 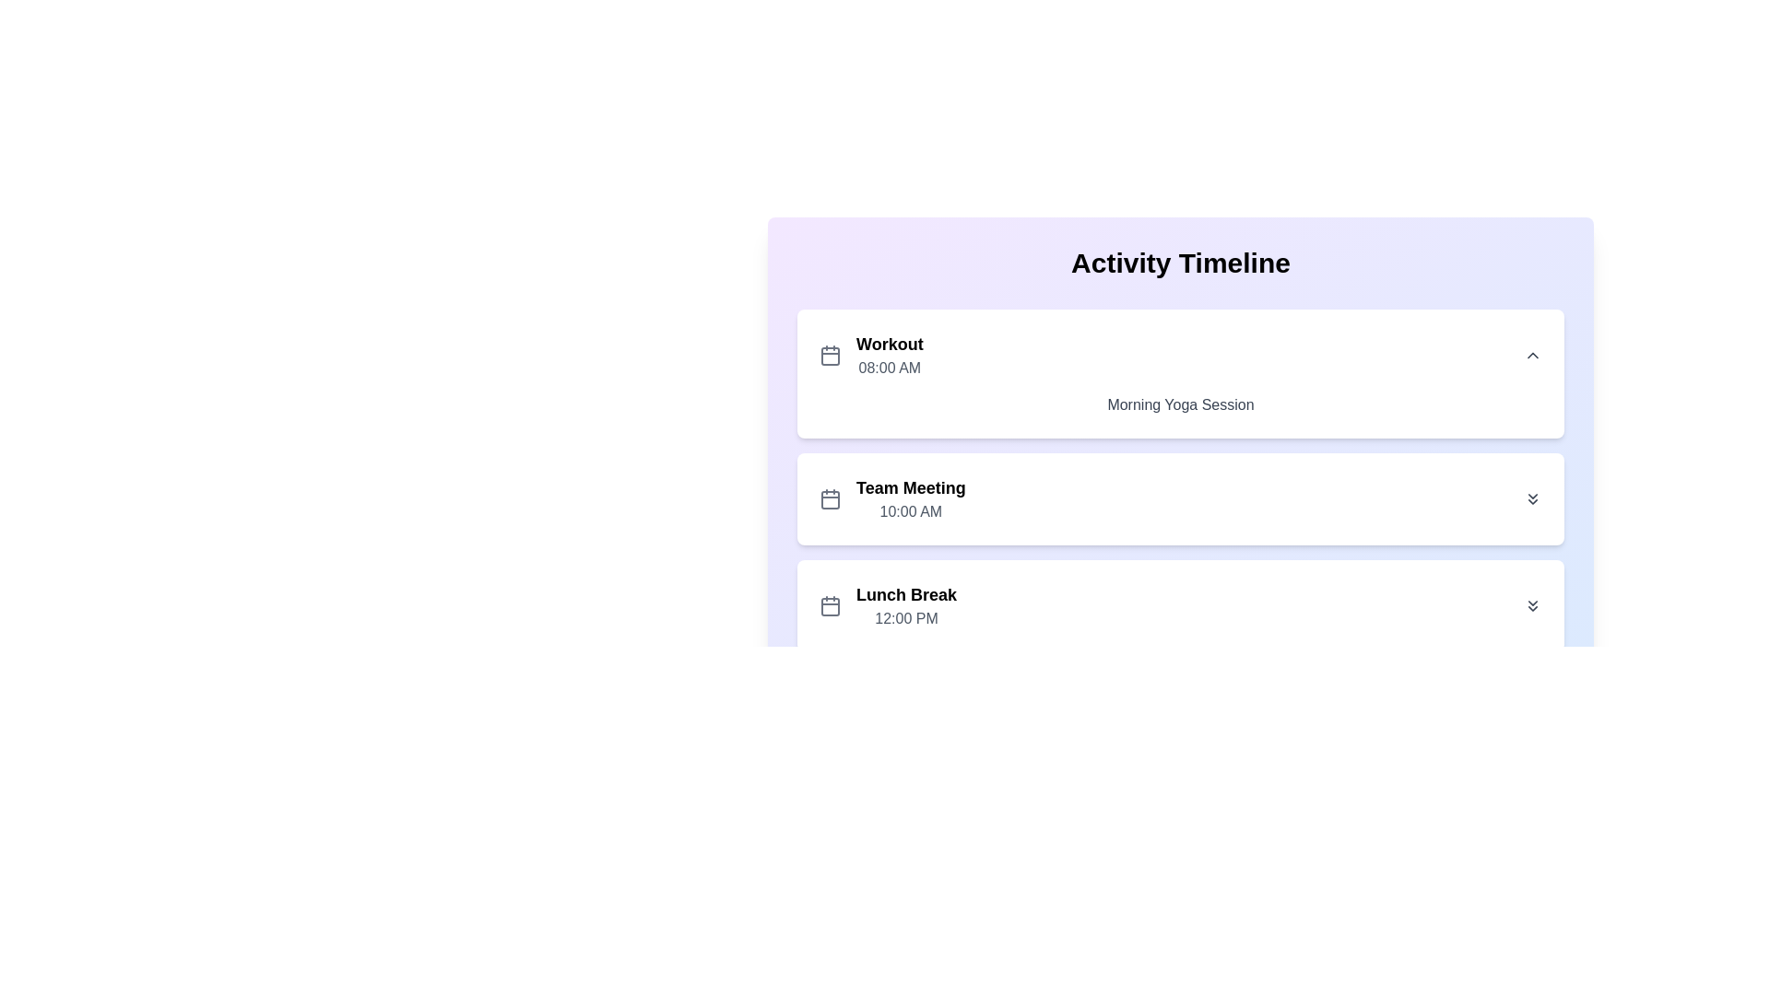 I want to click on the 'Team Meeting' card component in the 'Activity Timeline' section, which is the second card below the 'Workout' card, so click(x=1181, y=499).